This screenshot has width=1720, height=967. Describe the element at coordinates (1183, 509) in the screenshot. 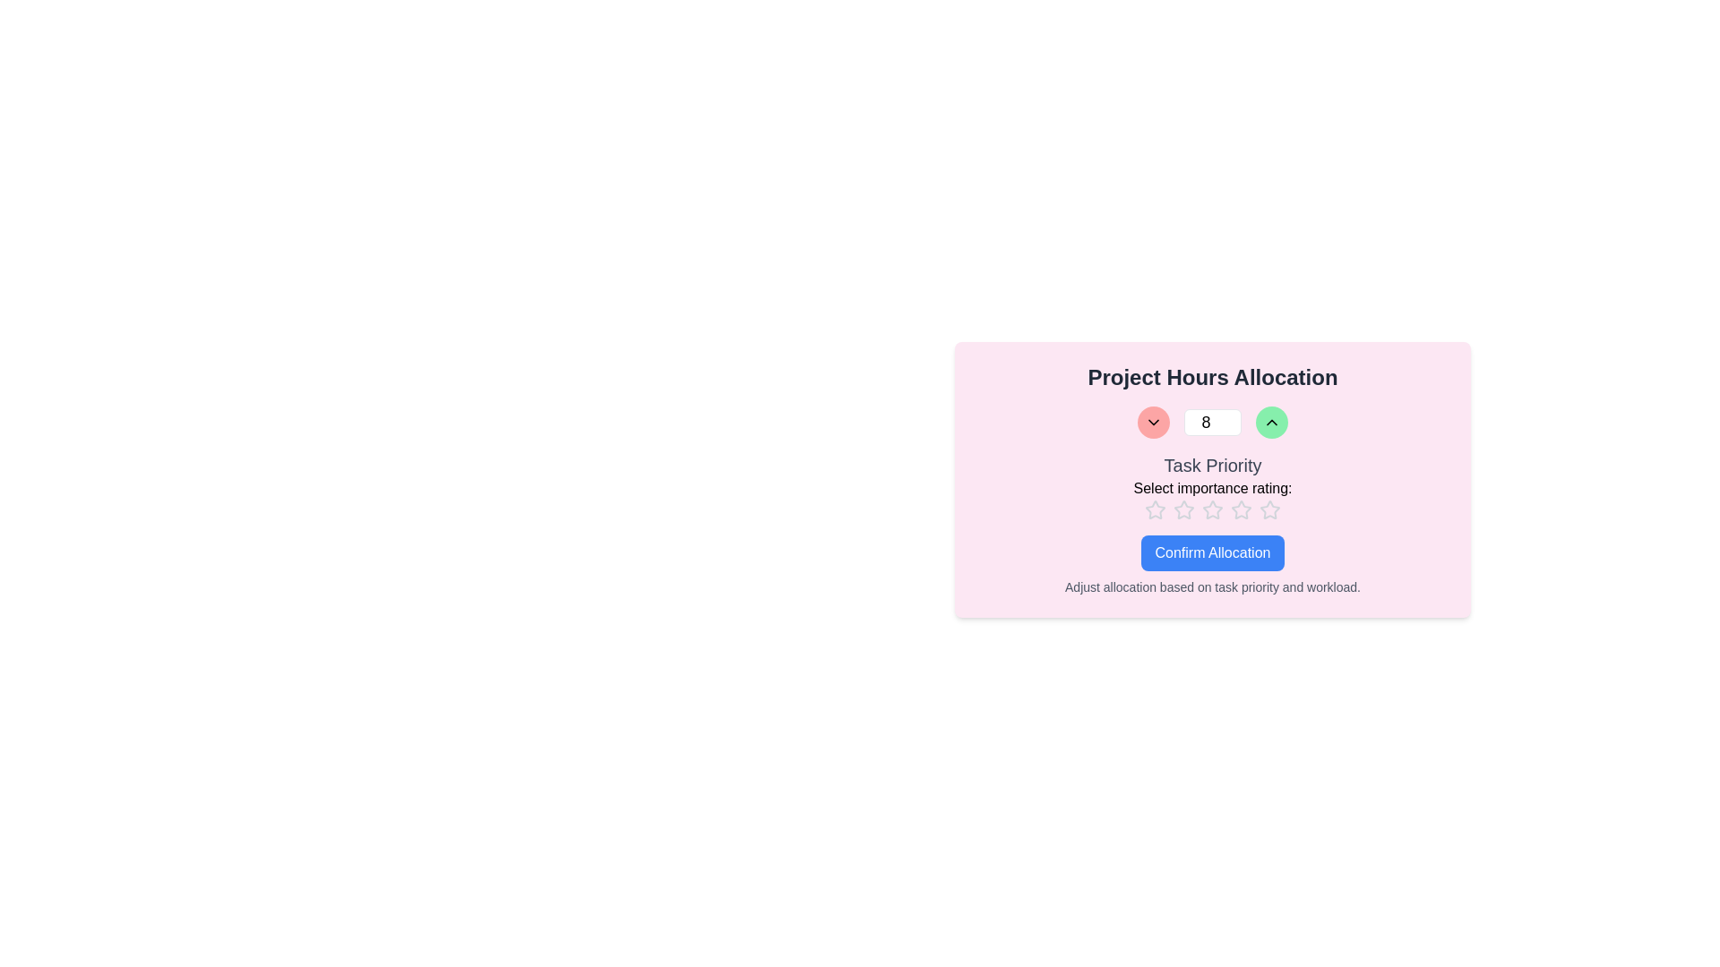

I see `the first star icon, which is outlined and used for rating` at that location.